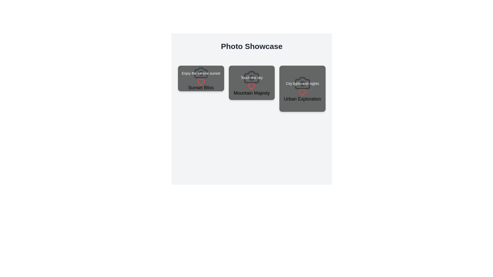 This screenshot has width=493, height=277. What do you see at coordinates (252, 77) in the screenshot?
I see `the SVG graphical element symbolizing photography in the 'Mountain Majesty' section, located at the center coordinates` at bounding box center [252, 77].